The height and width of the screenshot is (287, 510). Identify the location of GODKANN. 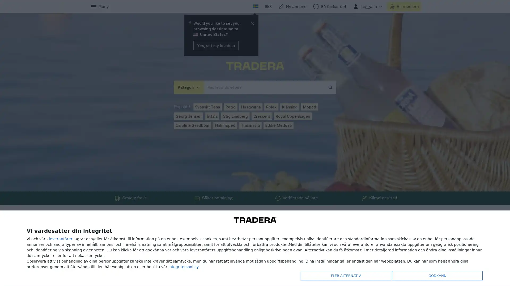
(436, 275).